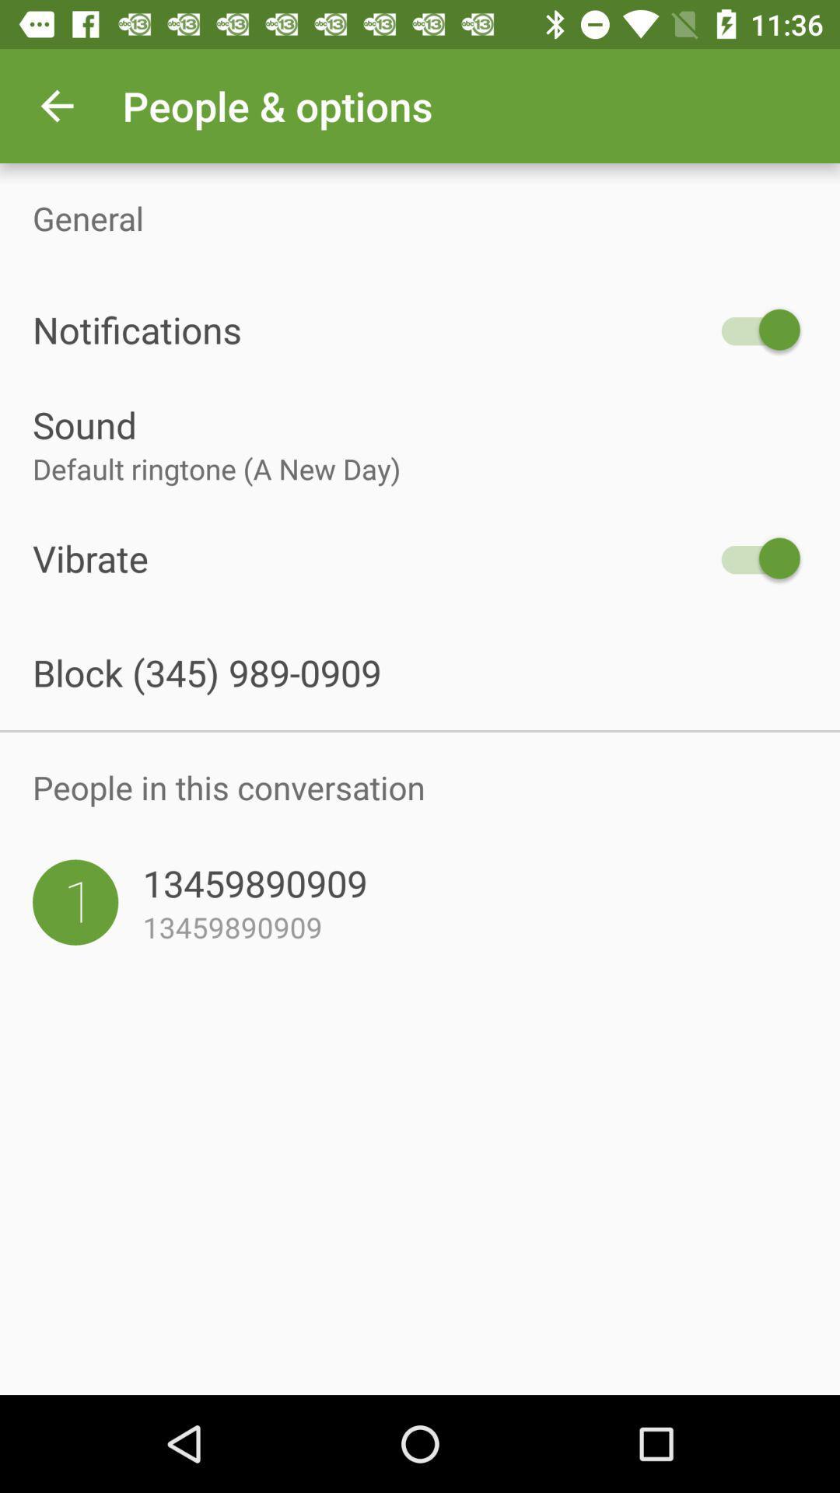 This screenshot has height=1493, width=840. Describe the element at coordinates (420, 673) in the screenshot. I see `block 345 989 item` at that location.